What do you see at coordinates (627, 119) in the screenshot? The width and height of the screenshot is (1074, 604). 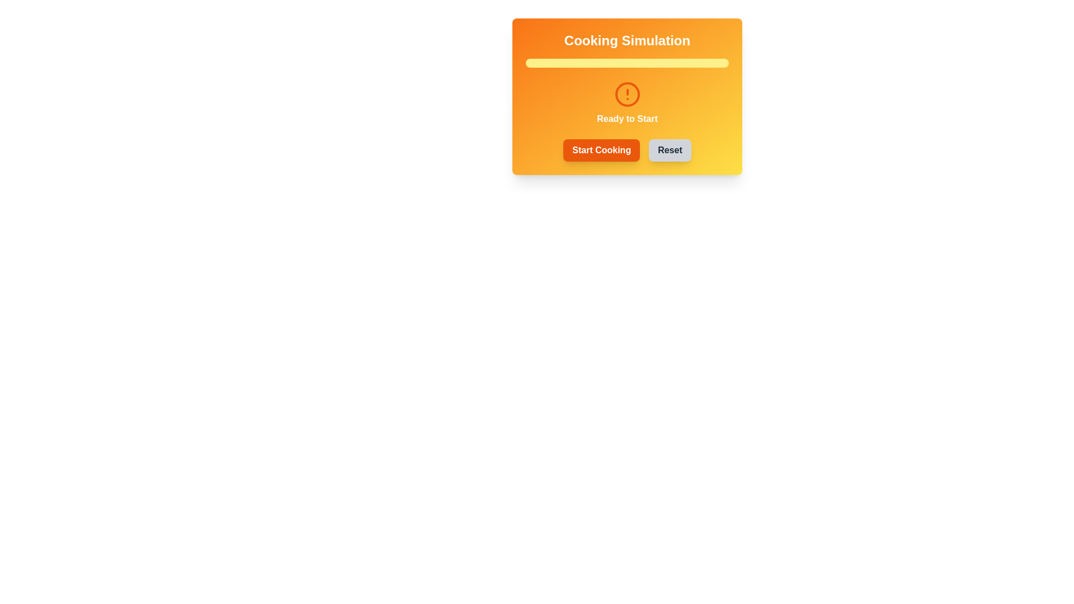 I see `the text label displaying 'Ready to Start', which is styled with a bold white font on a transparent background and located below a circular warning icon` at bounding box center [627, 119].